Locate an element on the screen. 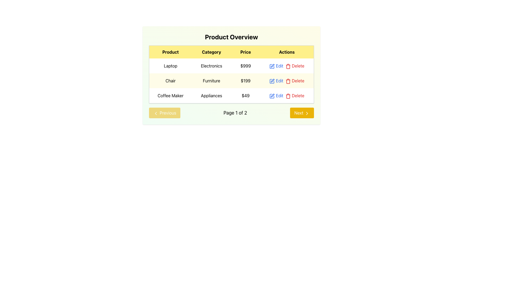 The height and width of the screenshot is (287, 510). the text label displaying 'Category', which is the second item in the header row of a table-like structure, located within a yellow header and positioned between 'Product' and 'Price' is located at coordinates (211, 52).